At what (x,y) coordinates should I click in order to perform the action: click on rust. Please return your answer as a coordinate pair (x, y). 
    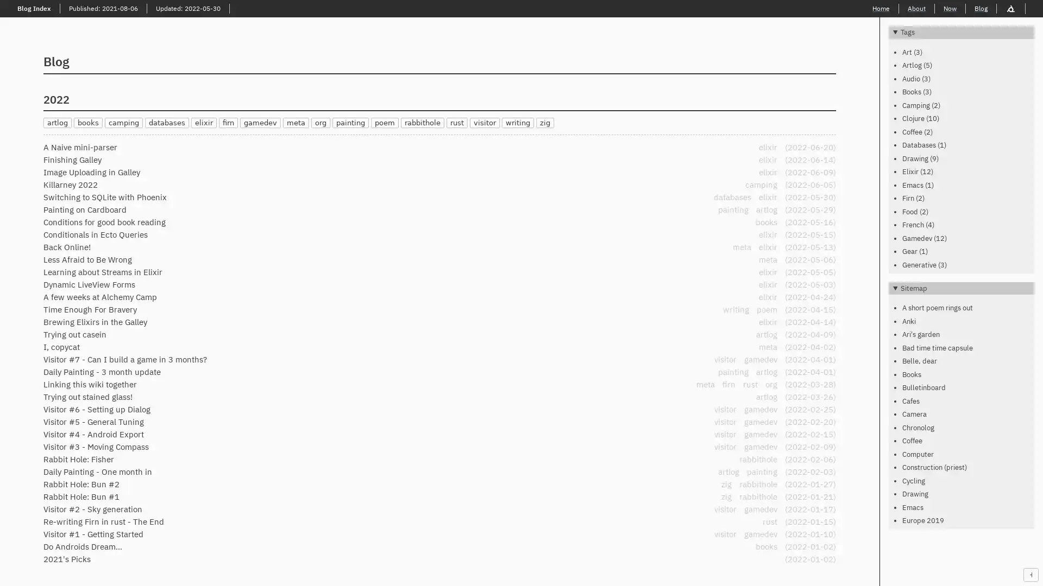
    Looking at the image, I should click on (457, 122).